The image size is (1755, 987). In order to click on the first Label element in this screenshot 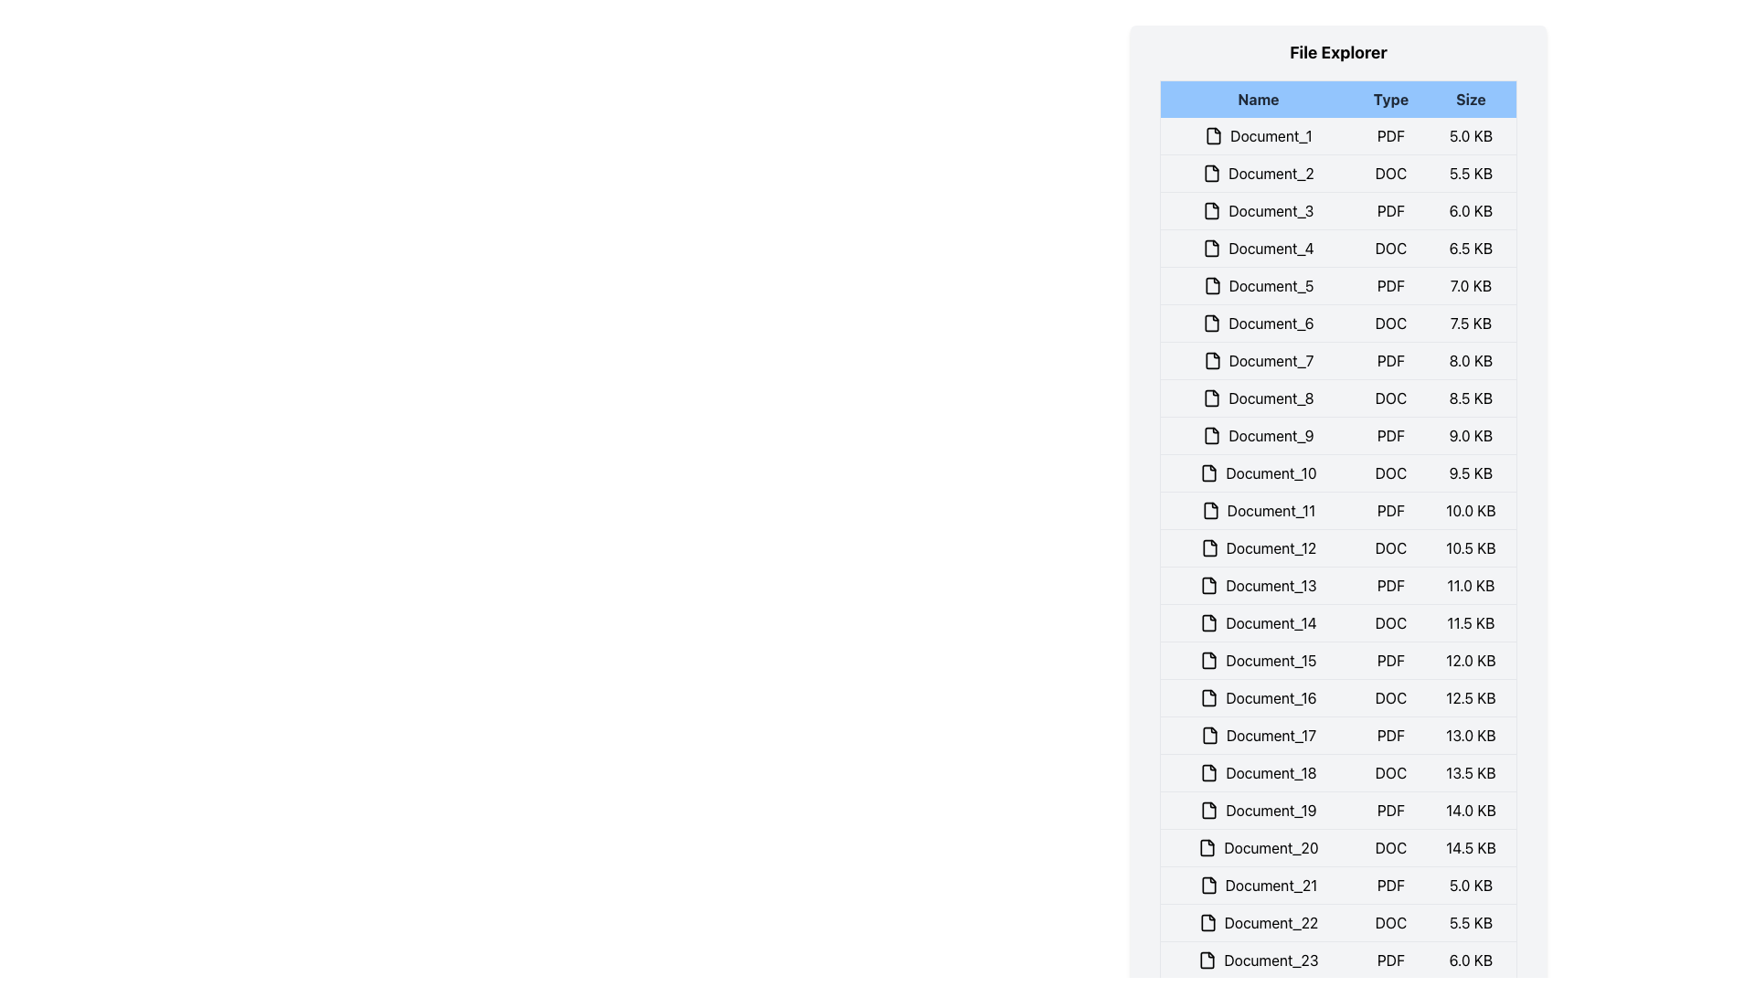, I will do `click(1257, 135)`.